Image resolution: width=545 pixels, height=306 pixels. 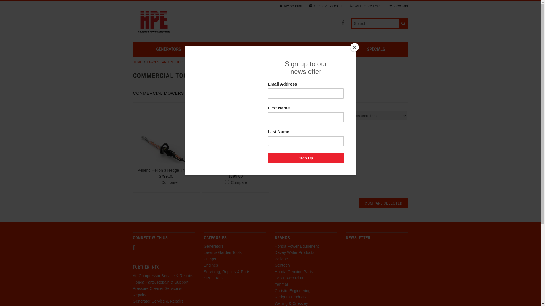 What do you see at coordinates (158, 93) in the screenshot?
I see `'COMMERCIAL MOWERS'` at bounding box center [158, 93].